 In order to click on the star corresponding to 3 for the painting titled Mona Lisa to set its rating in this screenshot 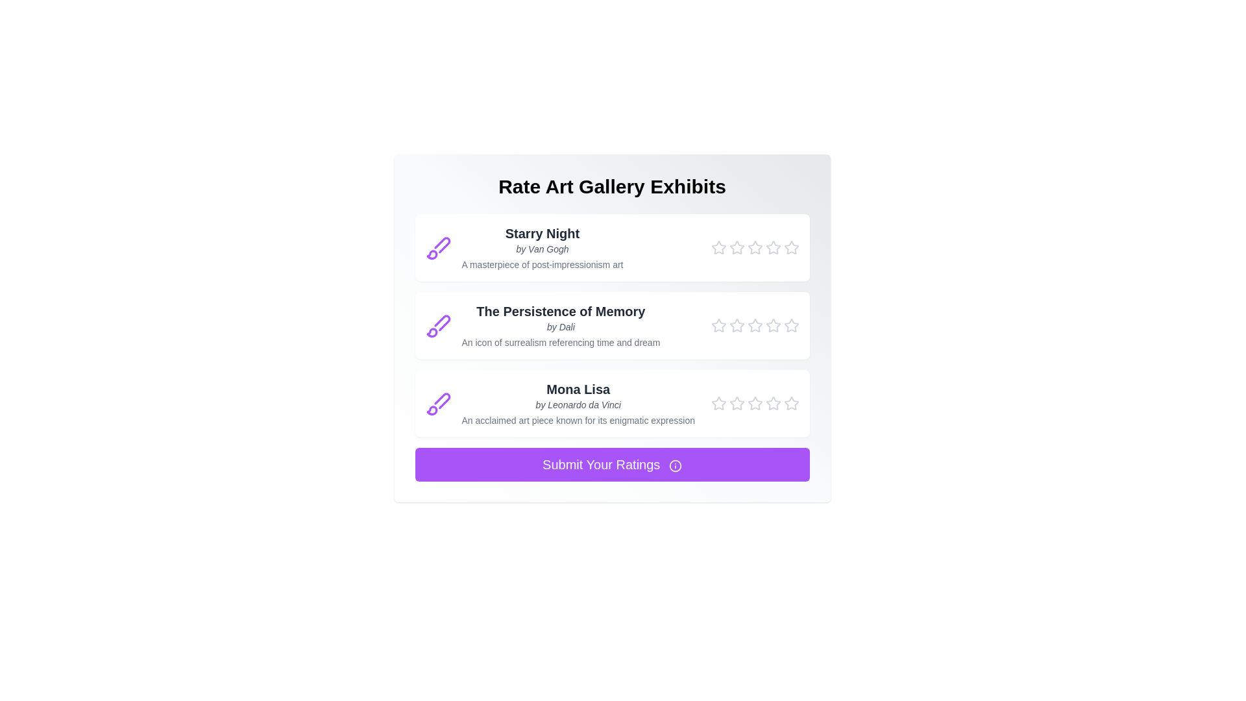, I will do `click(755, 402)`.